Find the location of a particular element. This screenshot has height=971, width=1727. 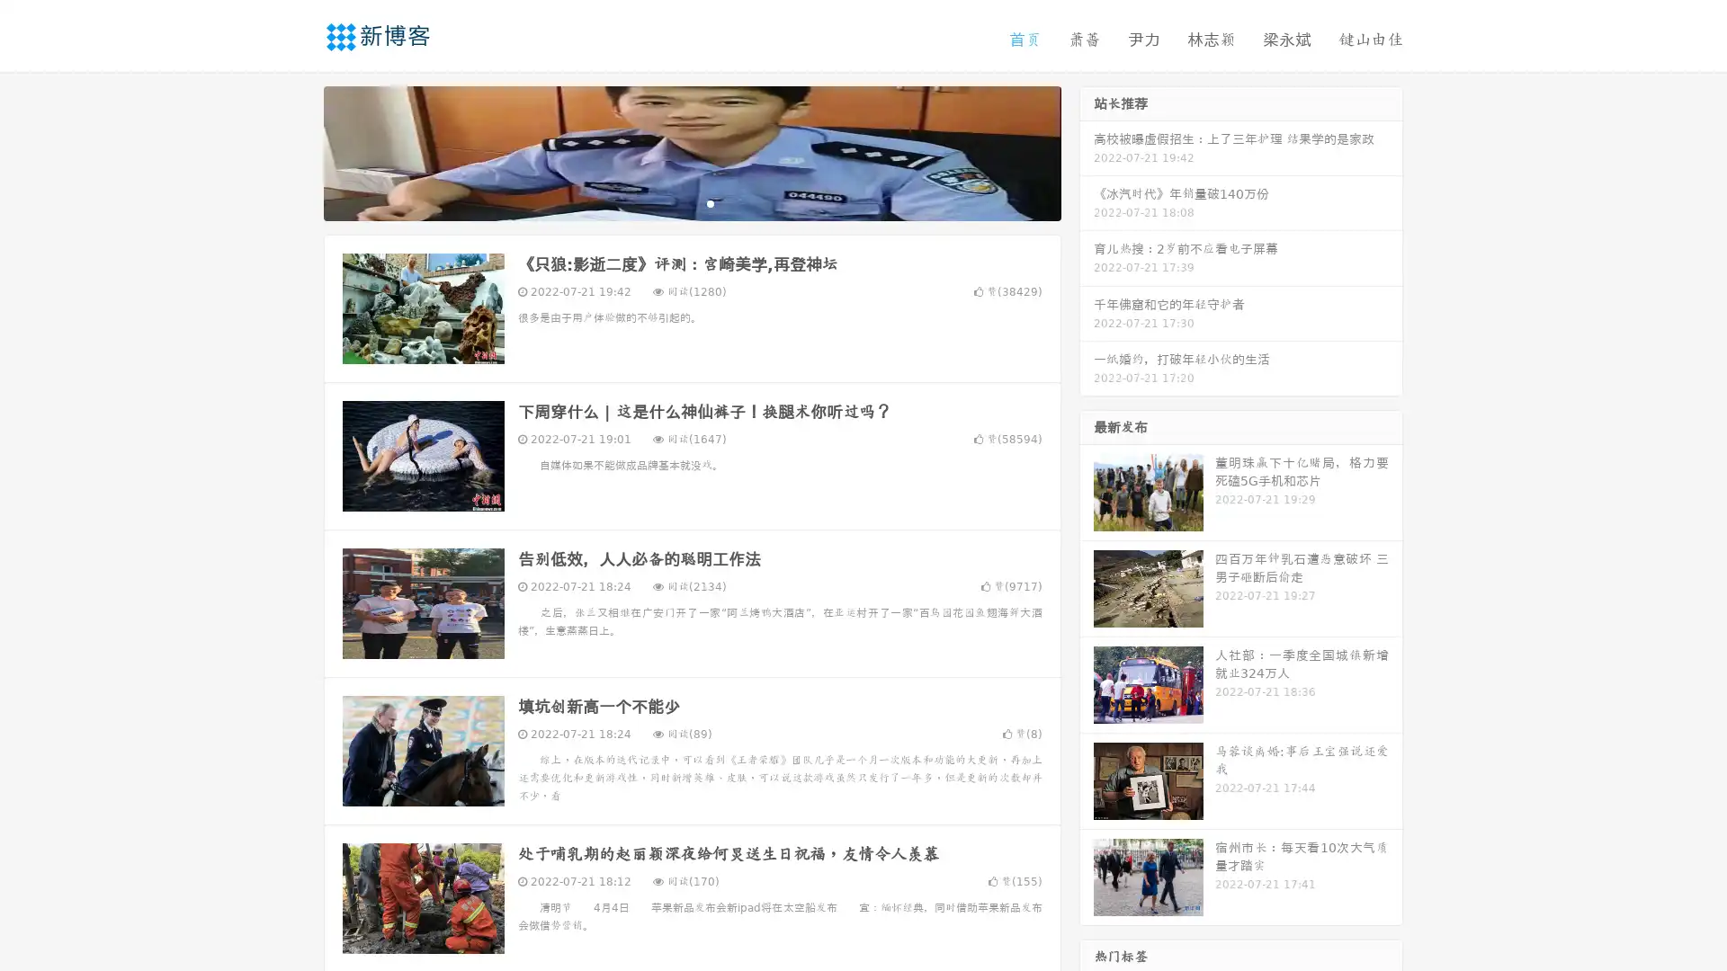

Next slide is located at coordinates (1087, 151).